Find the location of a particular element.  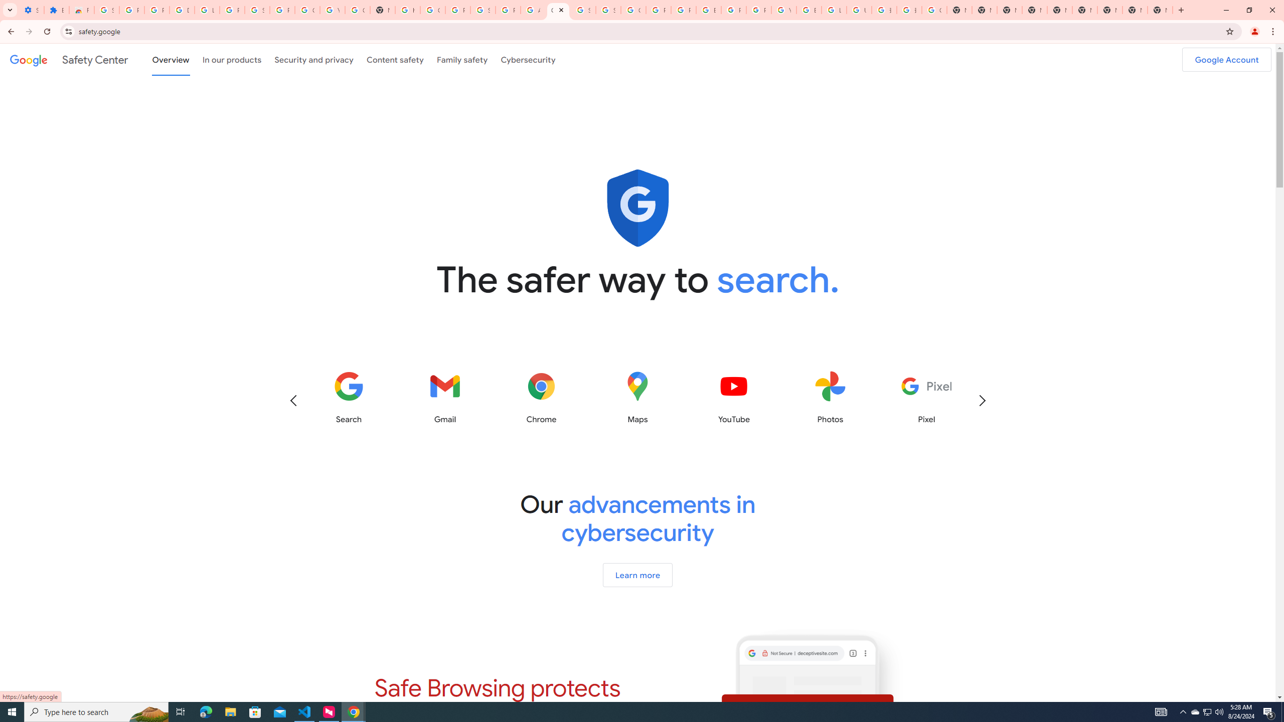

'Google Account' is located at coordinates (1226, 59).